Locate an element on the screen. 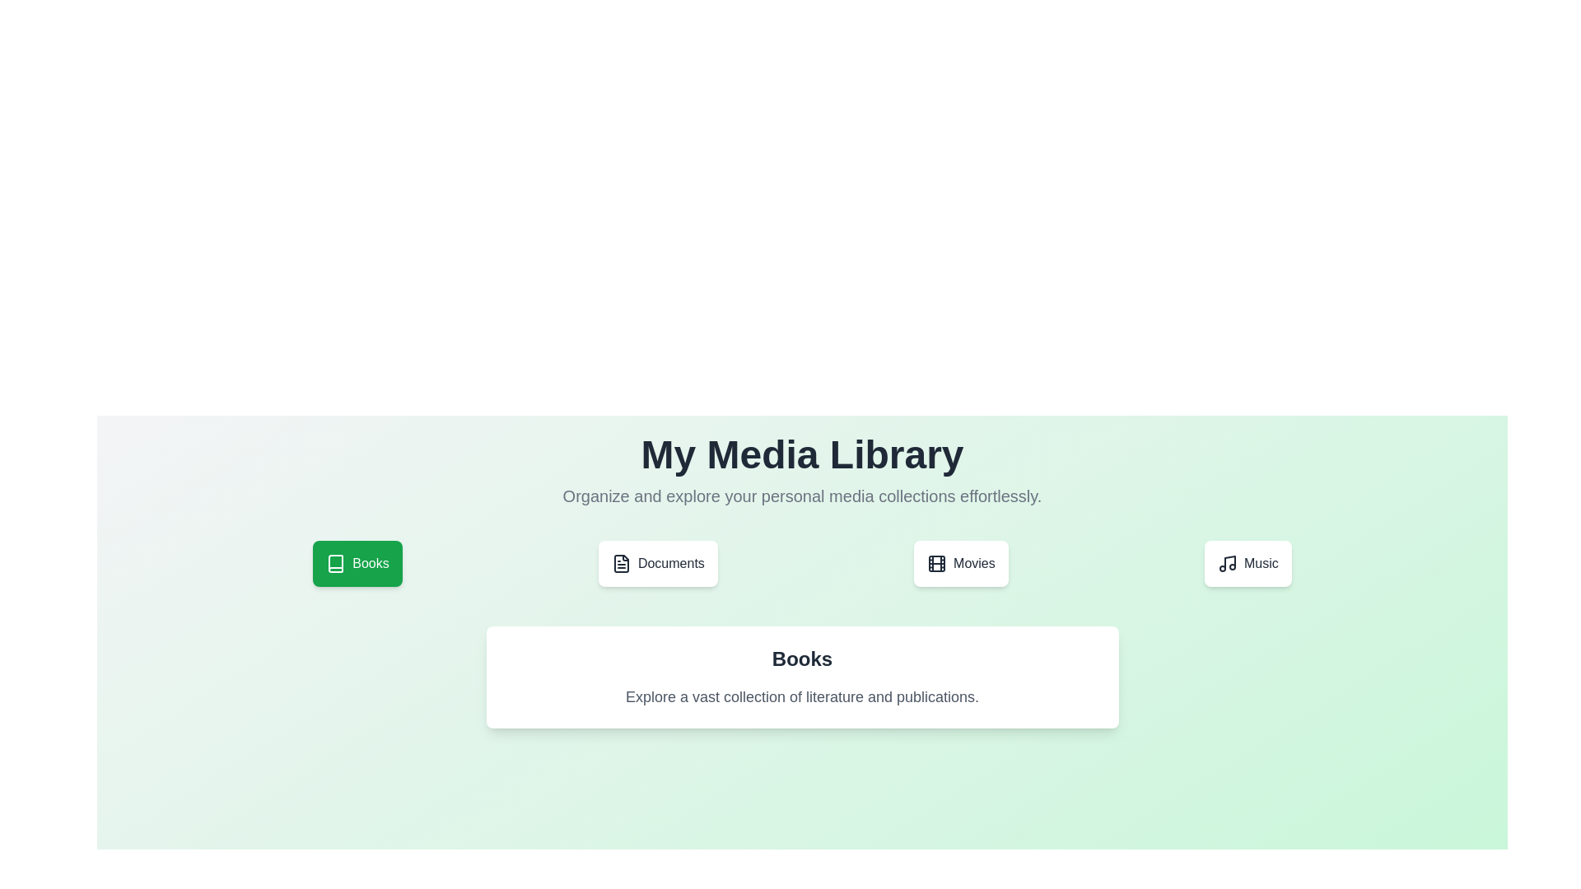 This screenshot has width=1581, height=889. the tab labeled Movies to switch its active state is located at coordinates (961, 563).